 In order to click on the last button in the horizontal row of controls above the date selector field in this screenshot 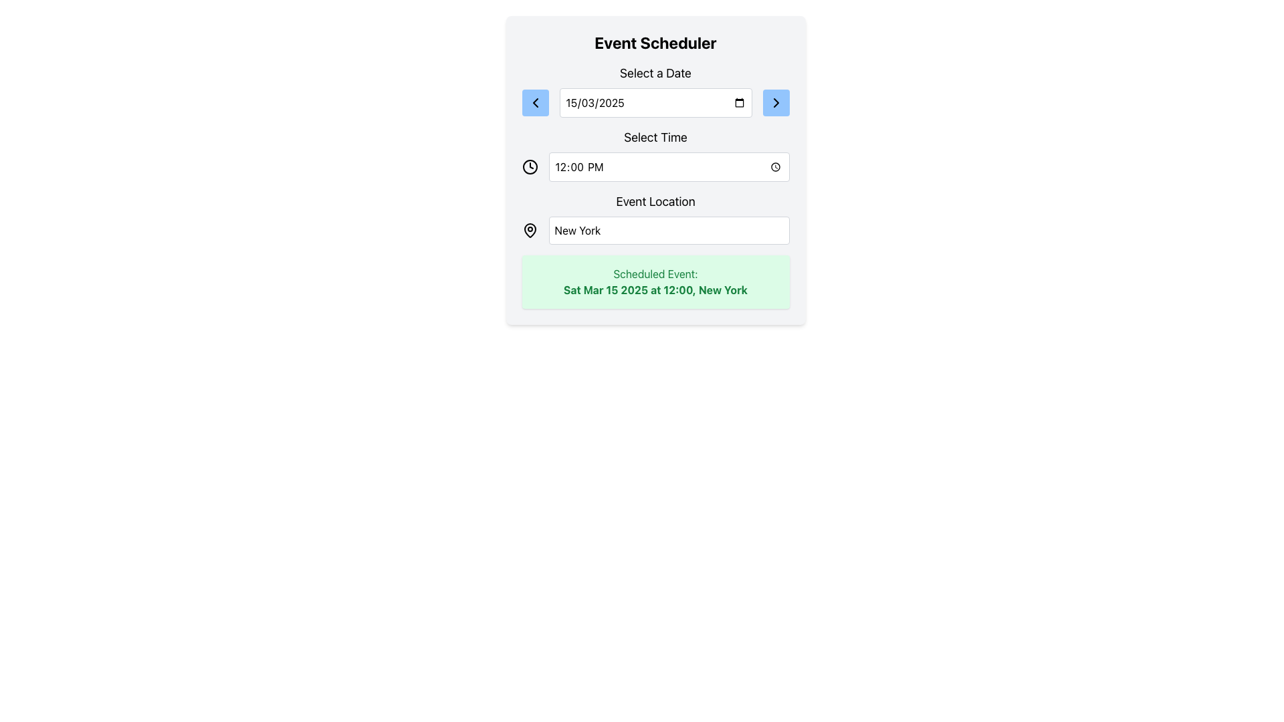, I will do `click(776, 102)`.